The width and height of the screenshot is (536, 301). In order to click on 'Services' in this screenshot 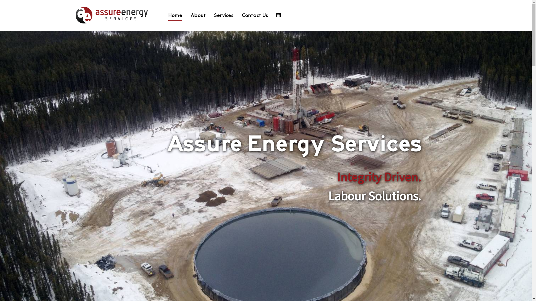, I will do `click(224, 15)`.